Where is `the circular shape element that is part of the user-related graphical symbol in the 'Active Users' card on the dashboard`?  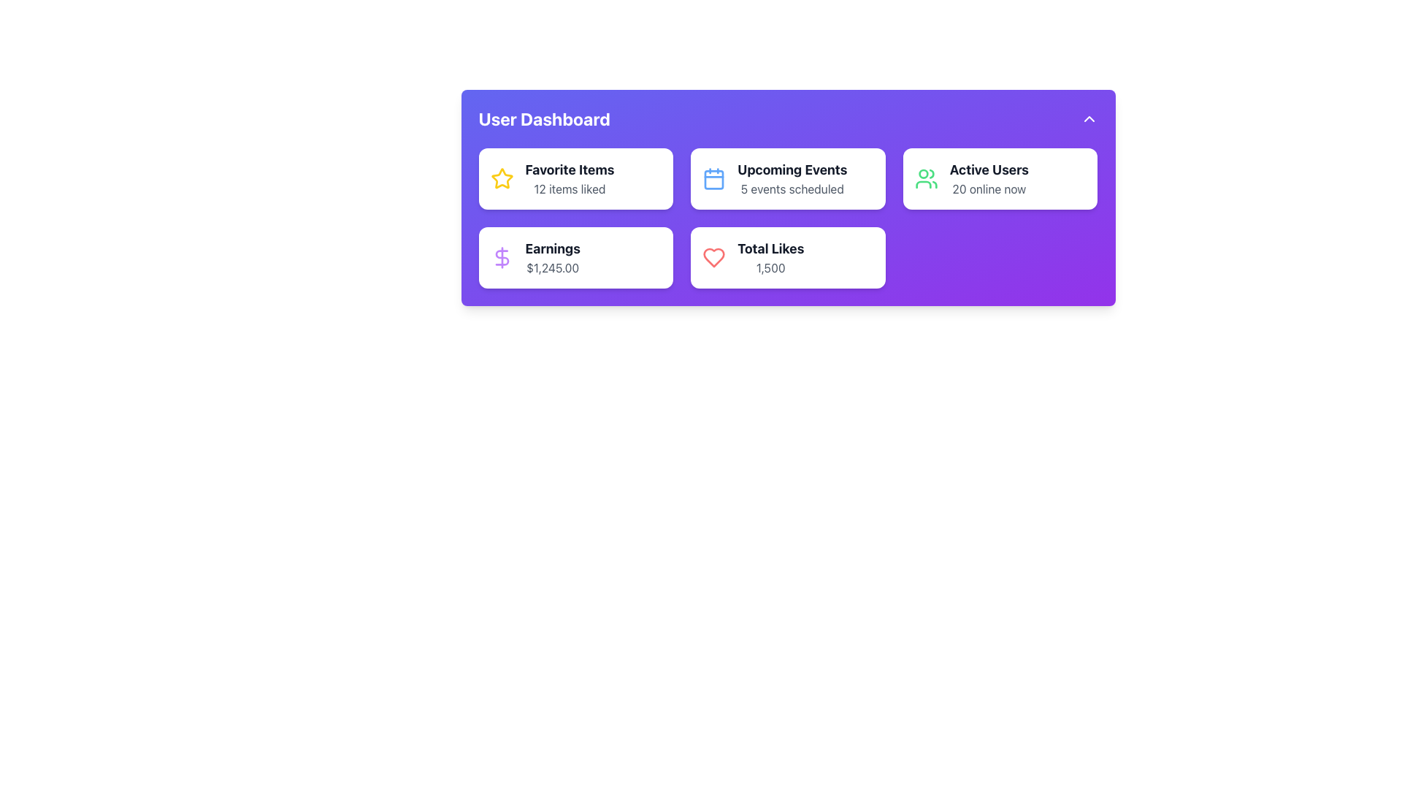
the circular shape element that is part of the user-related graphical symbol in the 'Active Users' card on the dashboard is located at coordinates (922, 173).